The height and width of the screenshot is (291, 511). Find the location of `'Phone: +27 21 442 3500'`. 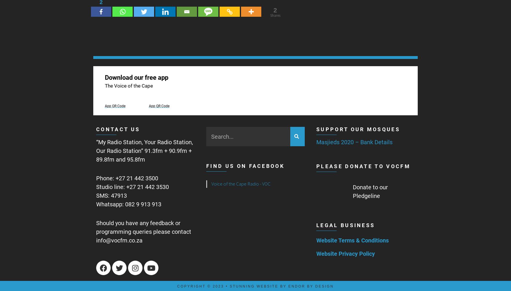

'Phone: +27 21 442 3500' is located at coordinates (96, 178).